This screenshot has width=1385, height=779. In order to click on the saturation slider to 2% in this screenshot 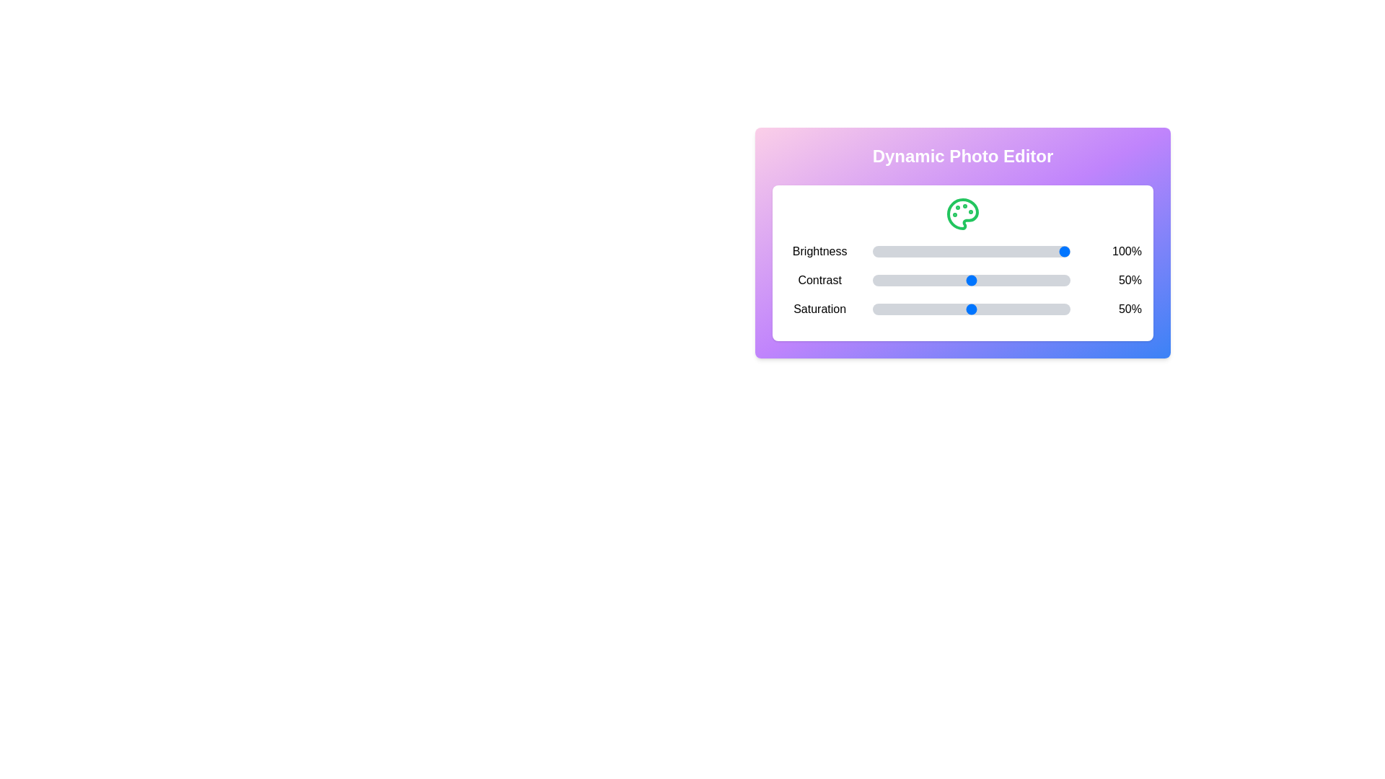, I will do `click(876, 308)`.